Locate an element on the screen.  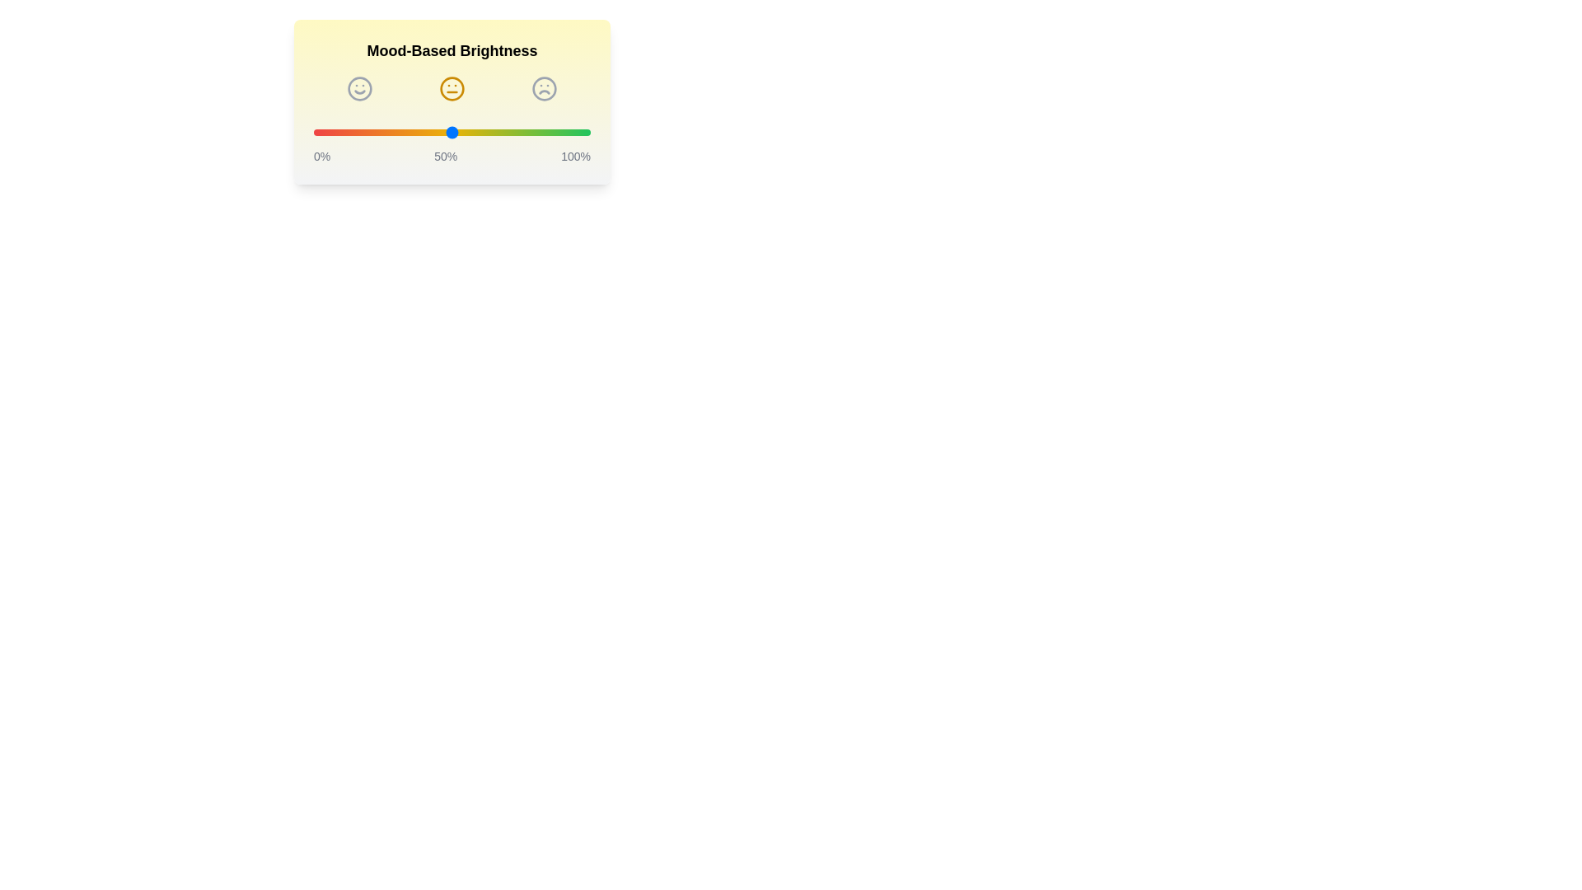
the brightness slider to 91% is located at coordinates (565, 132).